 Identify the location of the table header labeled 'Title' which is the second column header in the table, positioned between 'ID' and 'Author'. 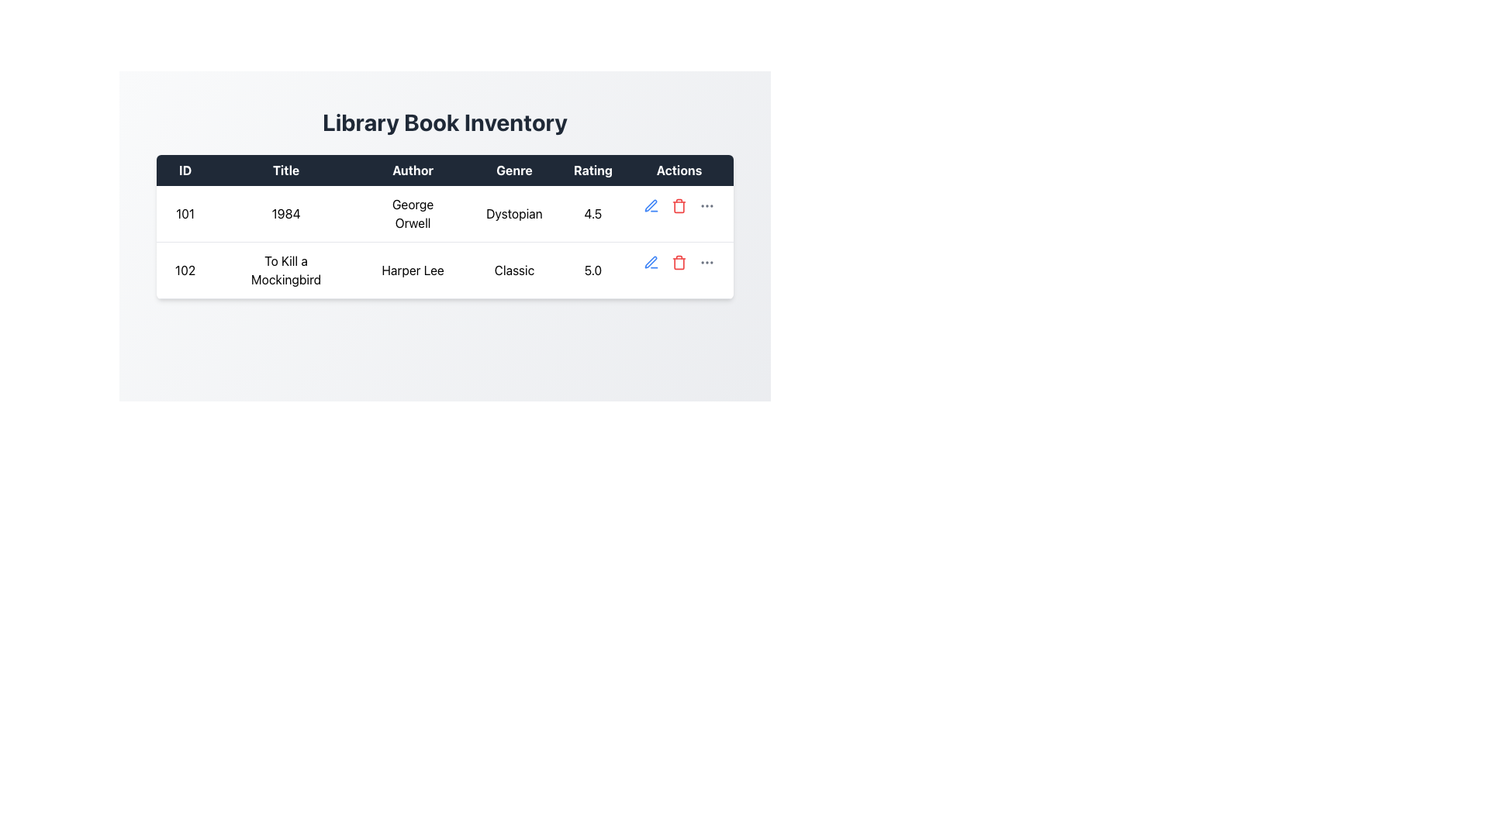
(286, 170).